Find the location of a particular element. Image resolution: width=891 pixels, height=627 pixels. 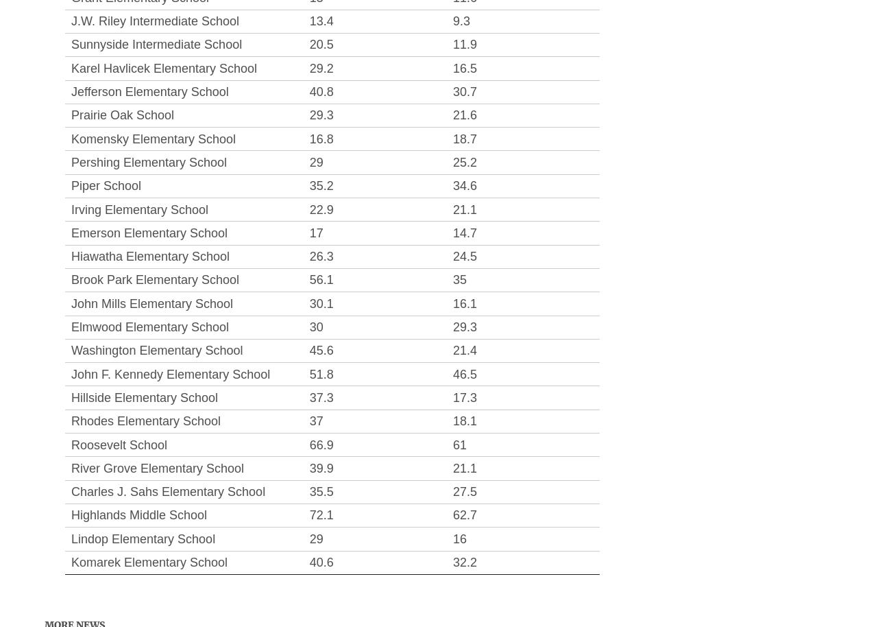

'Highlands Middle School' is located at coordinates (139, 515).